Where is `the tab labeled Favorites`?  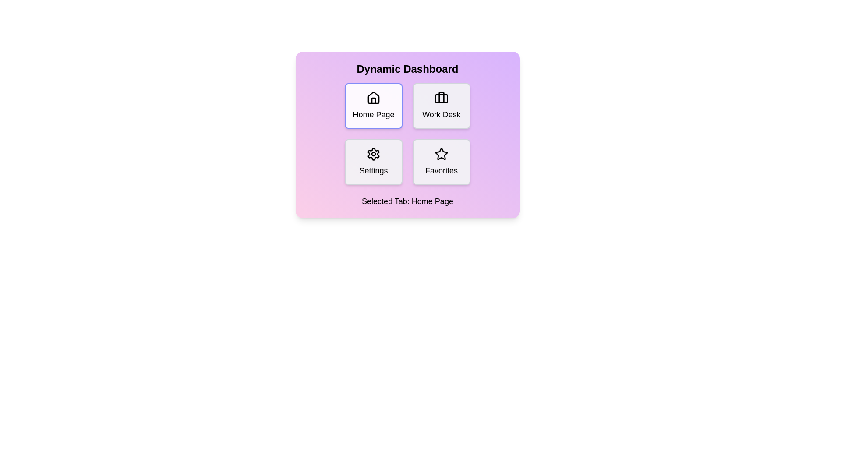
the tab labeled Favorites is located at coordinates (442, 162).